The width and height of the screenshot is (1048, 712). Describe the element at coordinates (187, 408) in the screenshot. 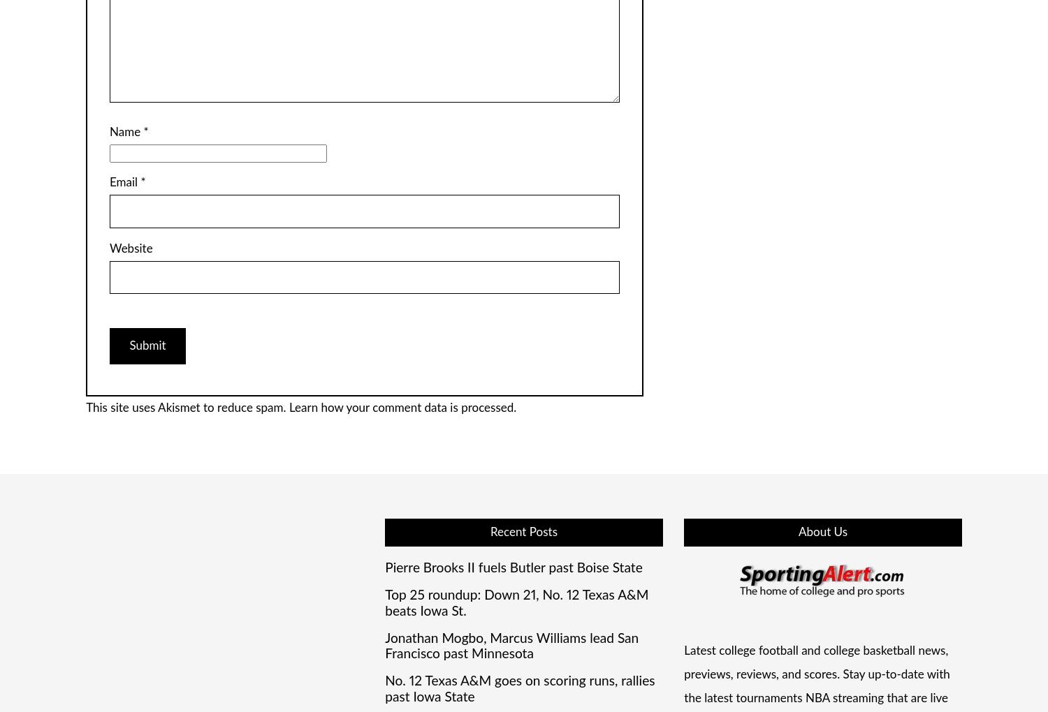

I see `'This site uses Akismet to reduce spam.'` at that location.